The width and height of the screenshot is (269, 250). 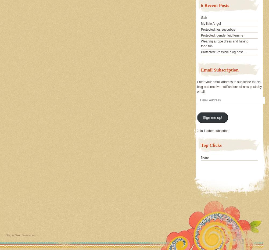 What do you see at coordinates (197, 86) in the screenshot?
I see `'Enter your email address to subscribe to this blog and receive notifications of new posts by email.'` at bounding box center [197, 86].